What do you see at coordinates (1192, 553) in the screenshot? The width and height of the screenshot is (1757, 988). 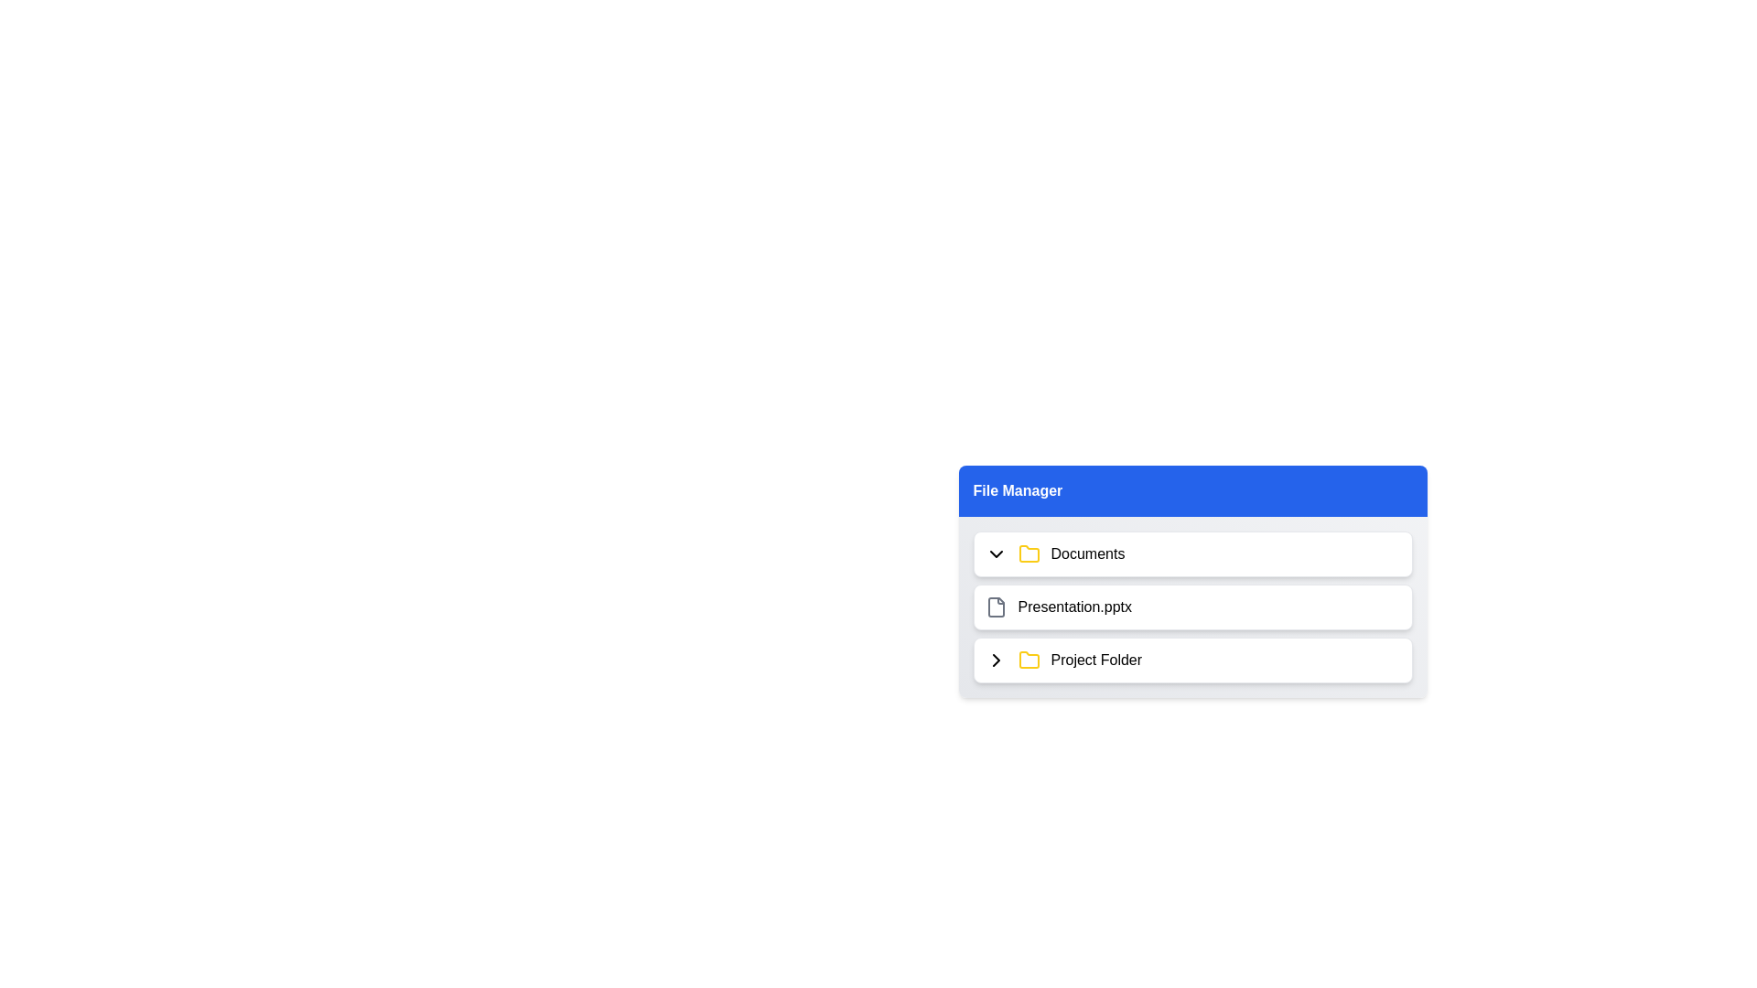 I see `the item Documents to observe its hover effect` at bounding box center [1192, 553].